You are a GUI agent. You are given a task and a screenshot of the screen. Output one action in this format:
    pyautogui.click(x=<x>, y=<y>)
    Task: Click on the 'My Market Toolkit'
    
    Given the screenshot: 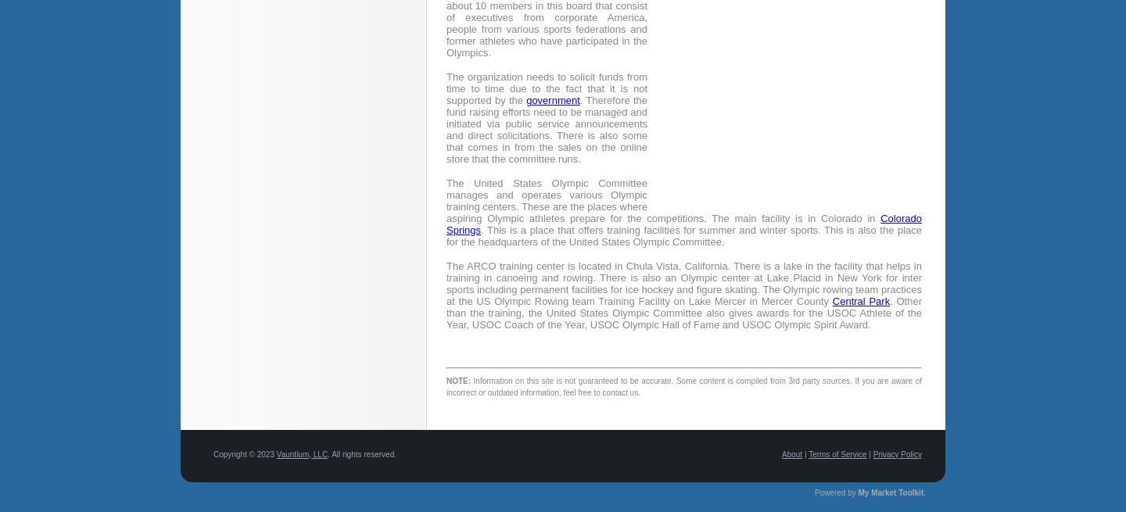 What is the action you would take?
    pyautogui.click(x=890, y=492)
    